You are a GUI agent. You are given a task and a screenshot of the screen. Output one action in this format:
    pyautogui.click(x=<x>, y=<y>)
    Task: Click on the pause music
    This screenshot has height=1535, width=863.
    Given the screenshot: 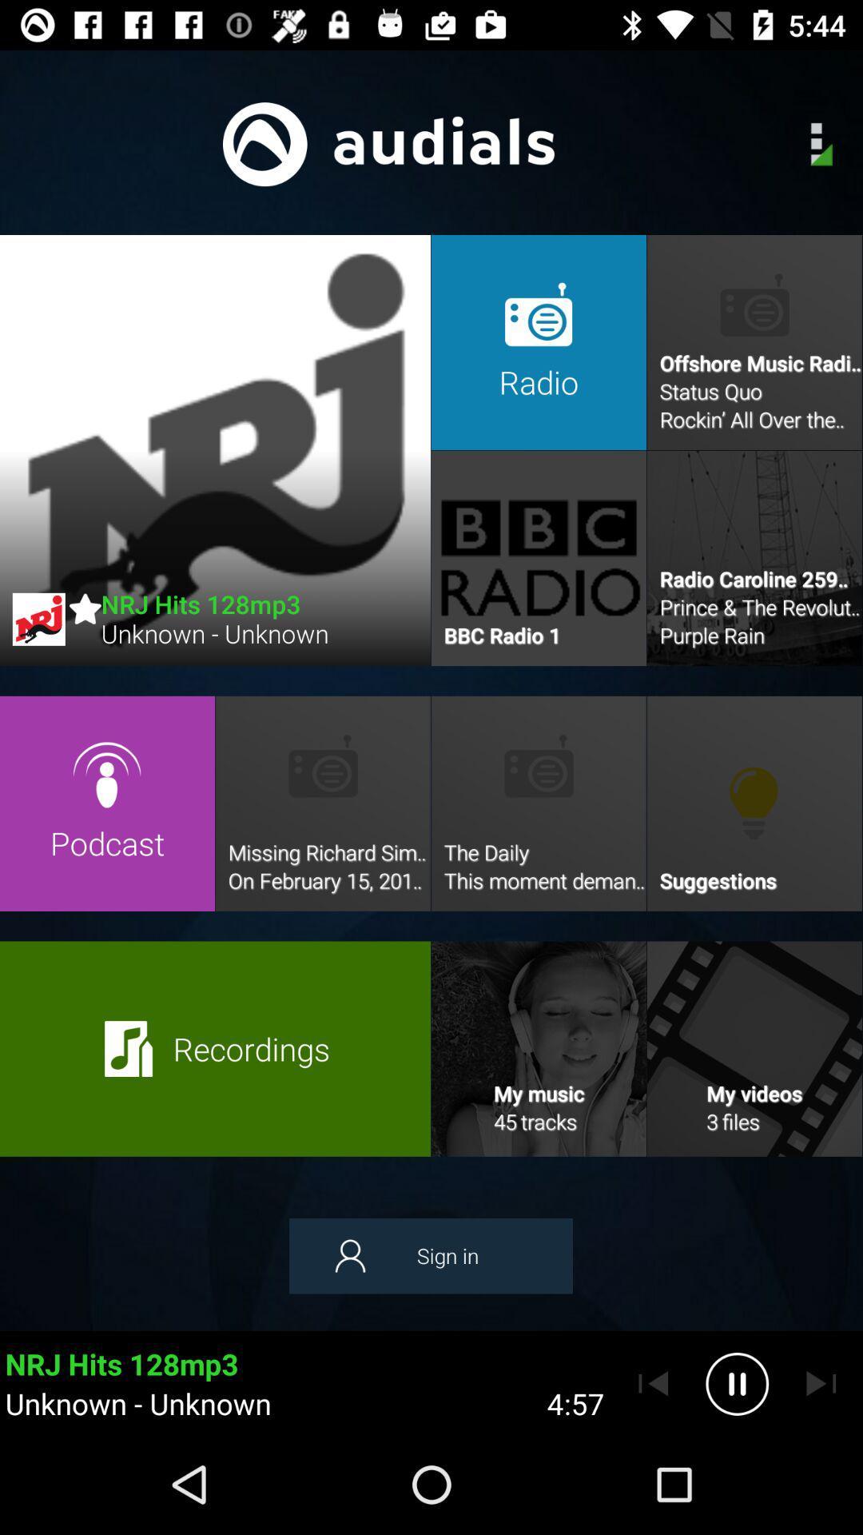 What is the action you would take?
    pyautogui.click(x=737, y=1383)
    